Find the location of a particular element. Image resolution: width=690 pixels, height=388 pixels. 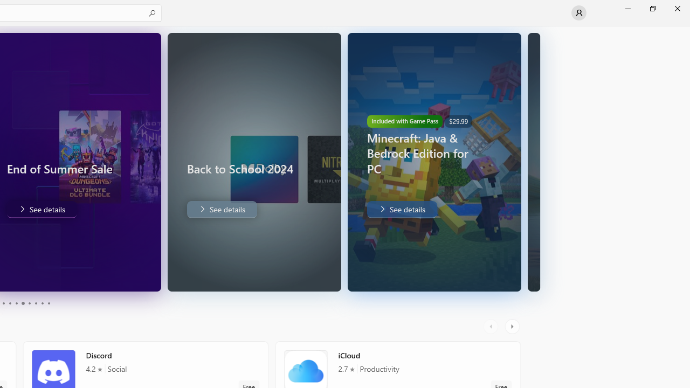

'Page 8' is located at coordinates (35, 303).